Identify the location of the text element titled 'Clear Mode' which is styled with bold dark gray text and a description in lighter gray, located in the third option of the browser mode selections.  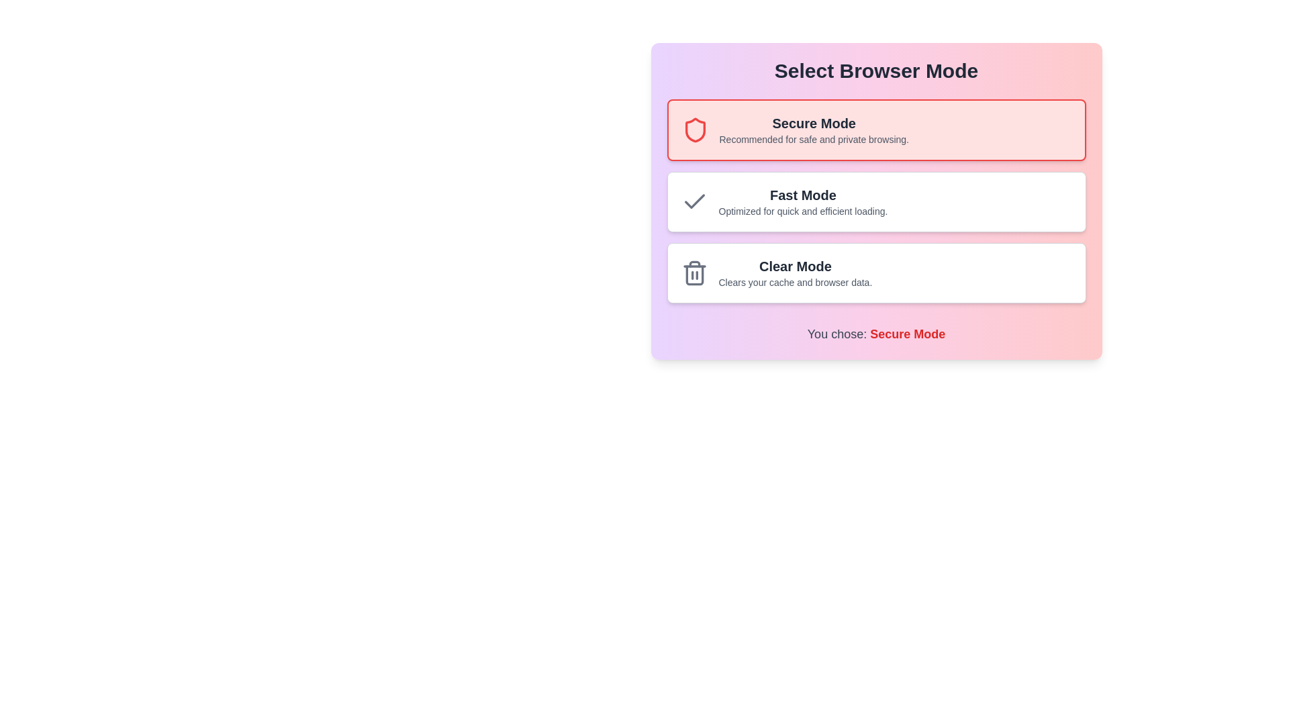
(795, 273).